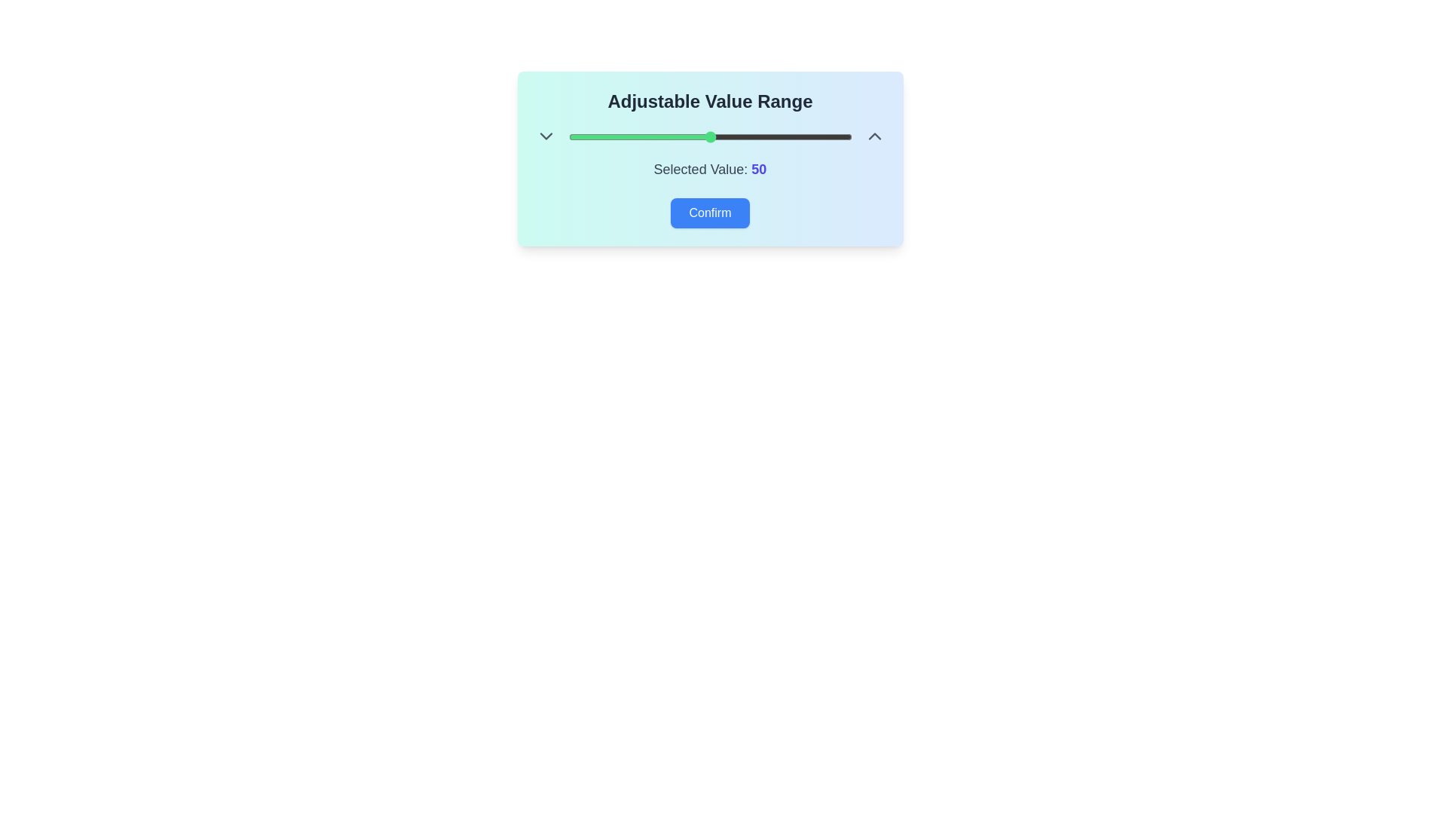 This screenshot has width=1447, height=814. What do you see at coordinates (576, 136) in the screenshot?
I see `the slider to set the value to 3` at bounding box center [576, 136].